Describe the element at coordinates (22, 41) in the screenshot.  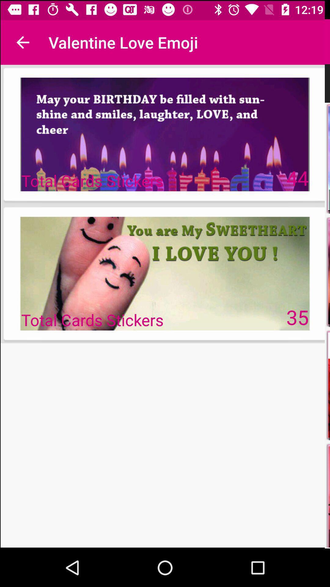
I see `icon to the left of the valentine love emoji app` at that location.